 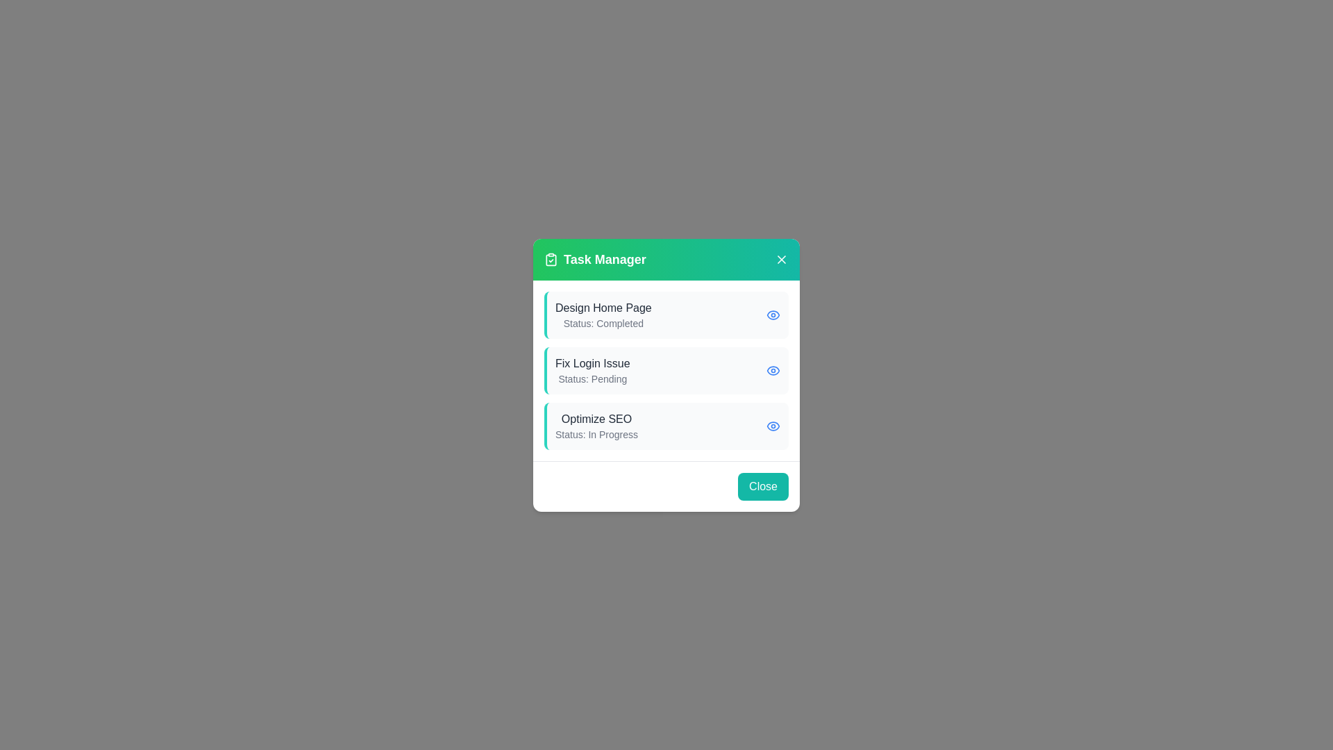 I want to click on the clipboard icon with a check mark located on the left side of the header bar next to the 'Task Manager' text in the task management application, so click(x=550, y=259).